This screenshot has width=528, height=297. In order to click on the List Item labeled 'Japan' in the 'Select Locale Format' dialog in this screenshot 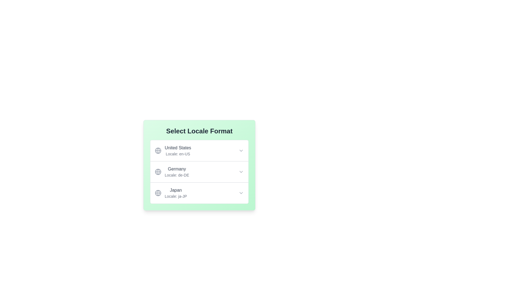, I will do `click(170, 193)`.